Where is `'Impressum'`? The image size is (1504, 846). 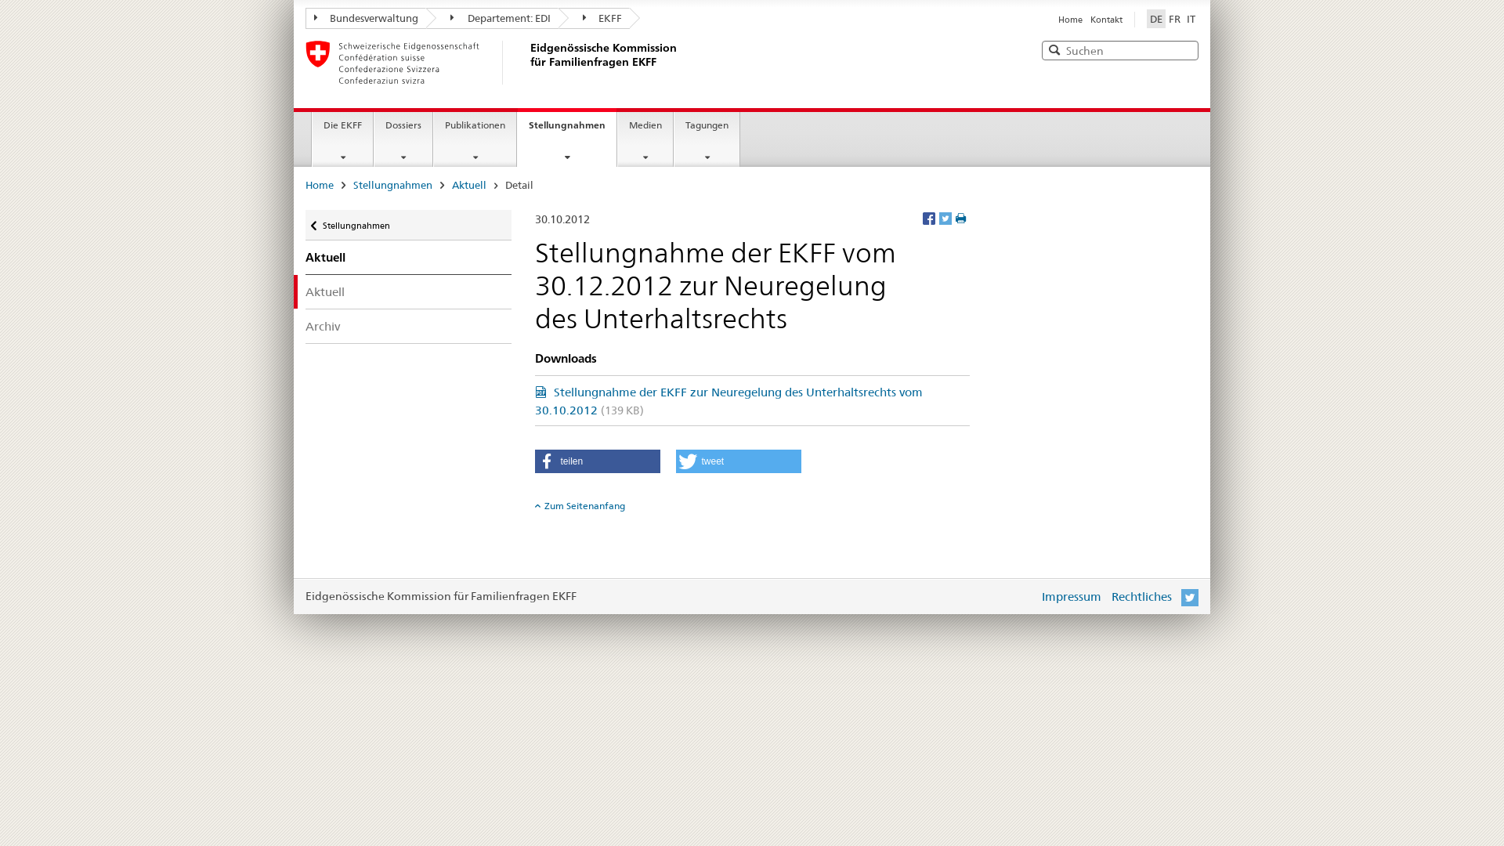 'Impressum' is located at coordinates (1071, 596).